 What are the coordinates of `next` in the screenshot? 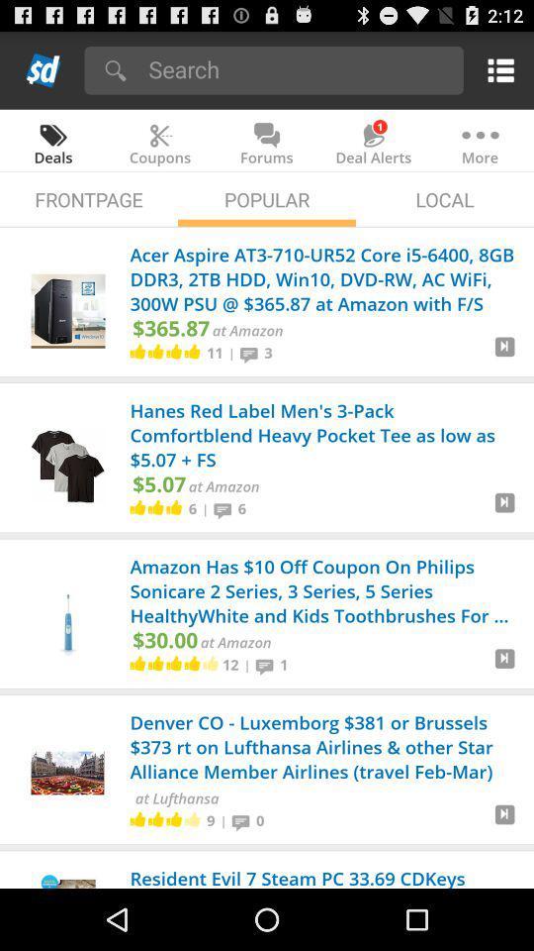 It's located at (504, 509).